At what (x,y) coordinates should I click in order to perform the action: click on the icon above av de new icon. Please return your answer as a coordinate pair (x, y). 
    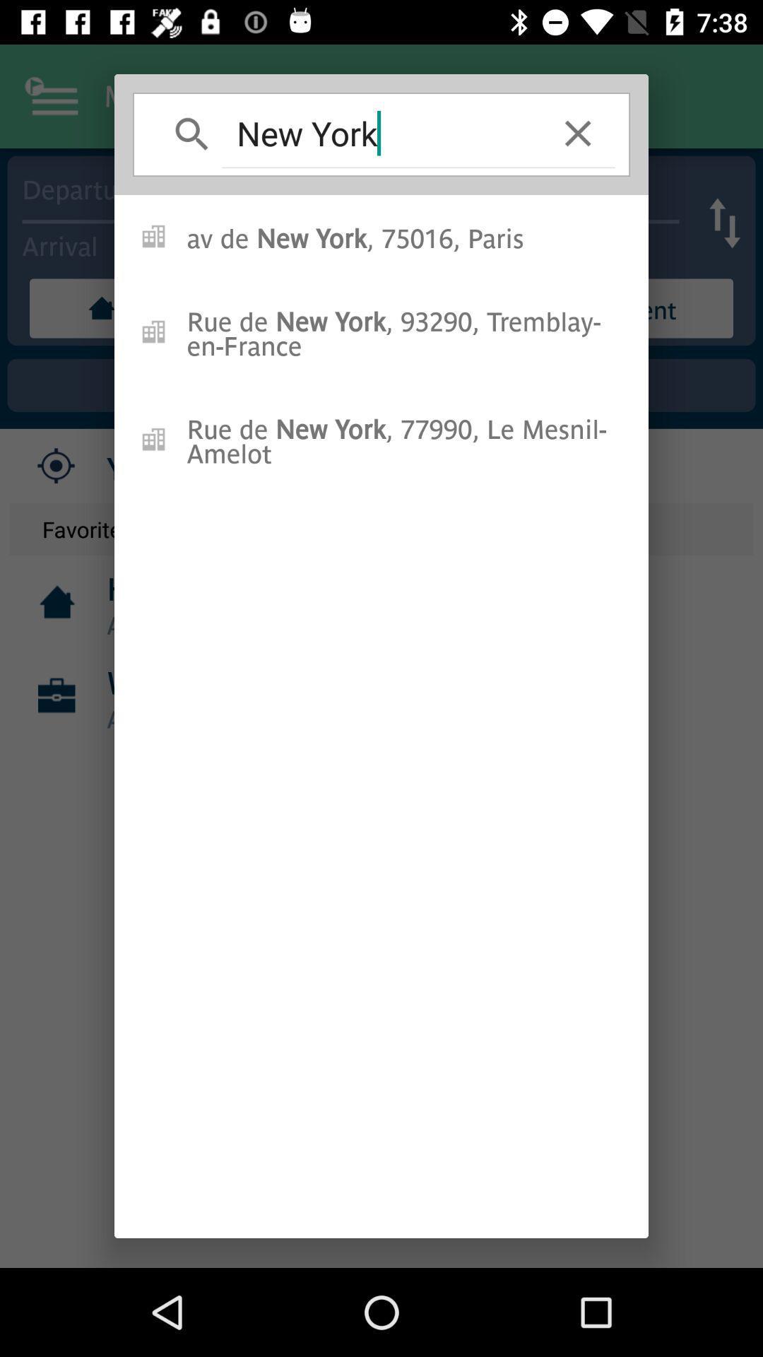
    Looking at the image, I should click on (578, 133).